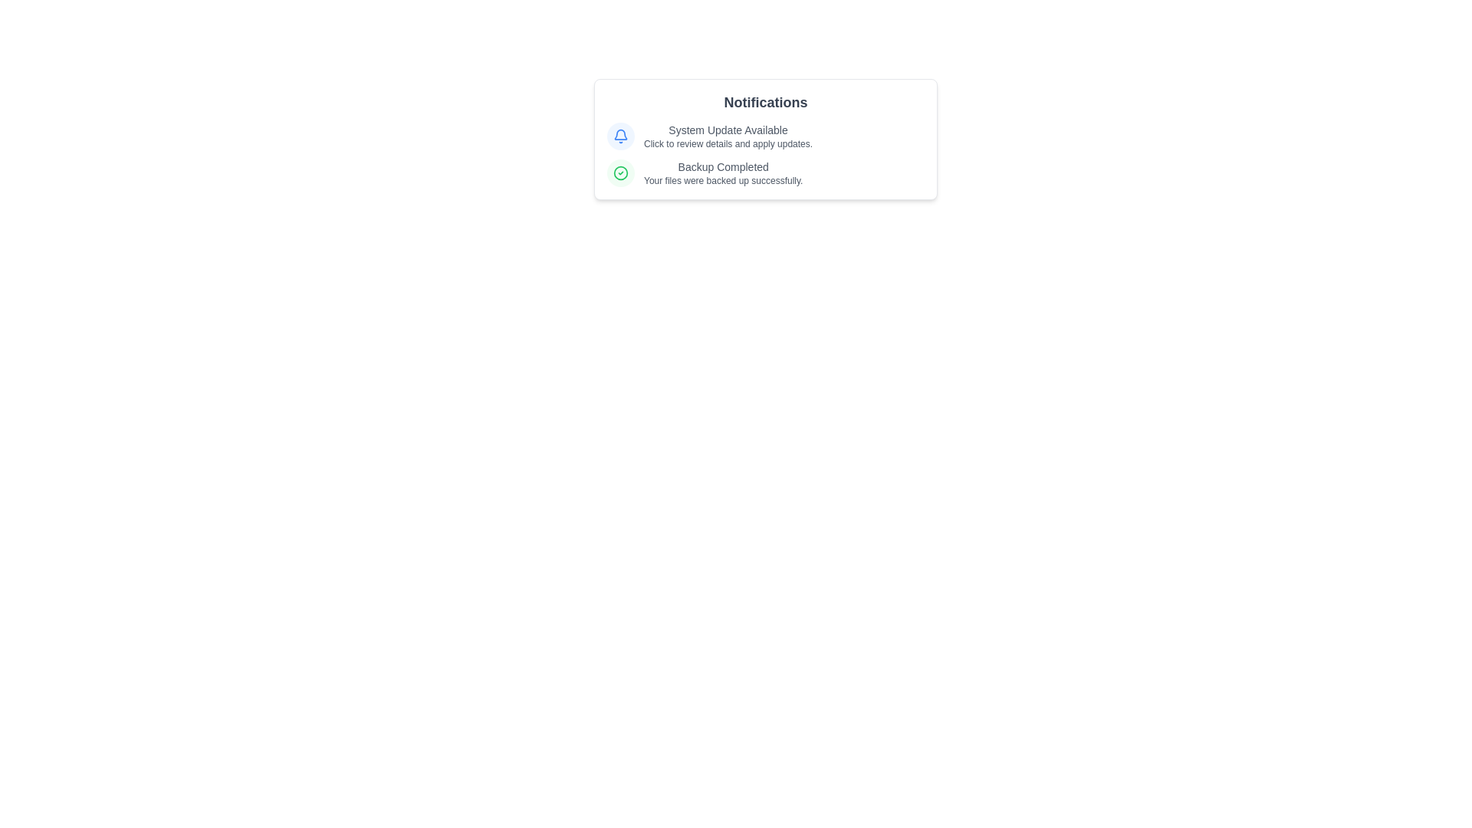 This screenshot has height=828, width=1472. I want to click on the notification message displaying a success status with the title 'Backup Completed' and a green circular icon with a checkmark, so click(765, 172).